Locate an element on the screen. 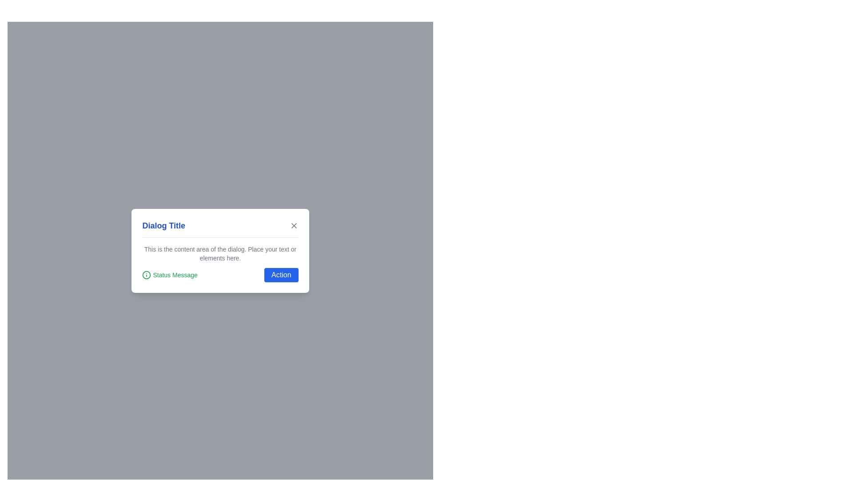  the 'Action' button located at the bottom-right corner of the dialog box, adjacent to the 'Status Message' text, to observe hover effects is located at coordinates (281, 274).